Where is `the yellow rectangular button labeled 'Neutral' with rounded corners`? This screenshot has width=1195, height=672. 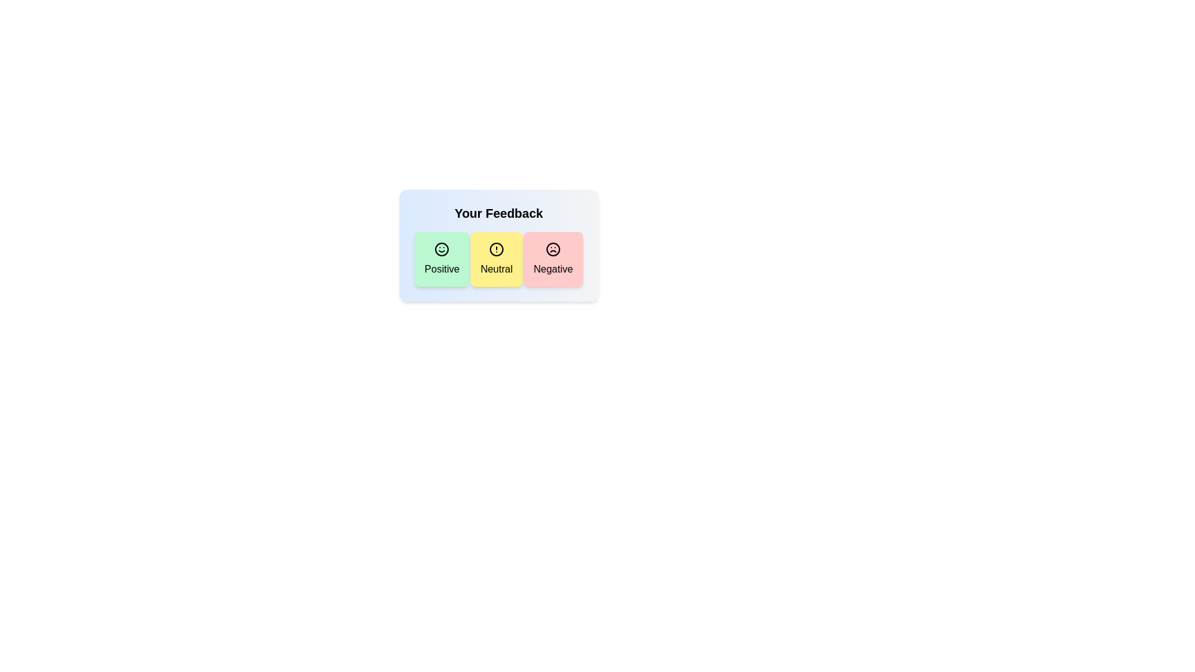
the yellow rectangular button labeled 'Neutral' with rounded corners is located at coordinates (499, 258).